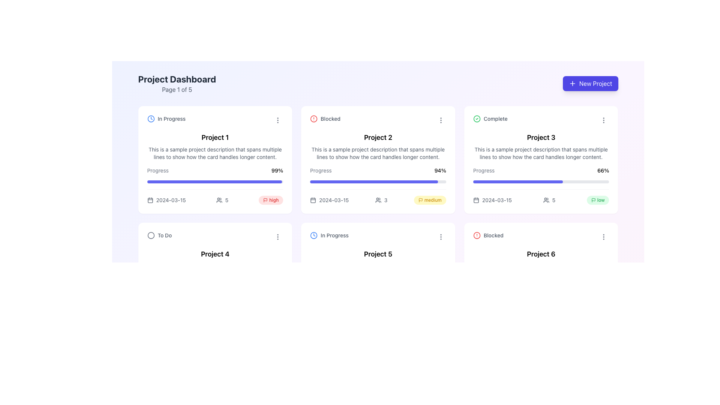 The image size is (720, 405). What do you see at coordinates (546, 199) in the screenshot?
I see `the user silhouettes icon styled in gray, located to the left of the numeric indicator '5', within the card for 'Project 3'` at bounding box center [546, 199].